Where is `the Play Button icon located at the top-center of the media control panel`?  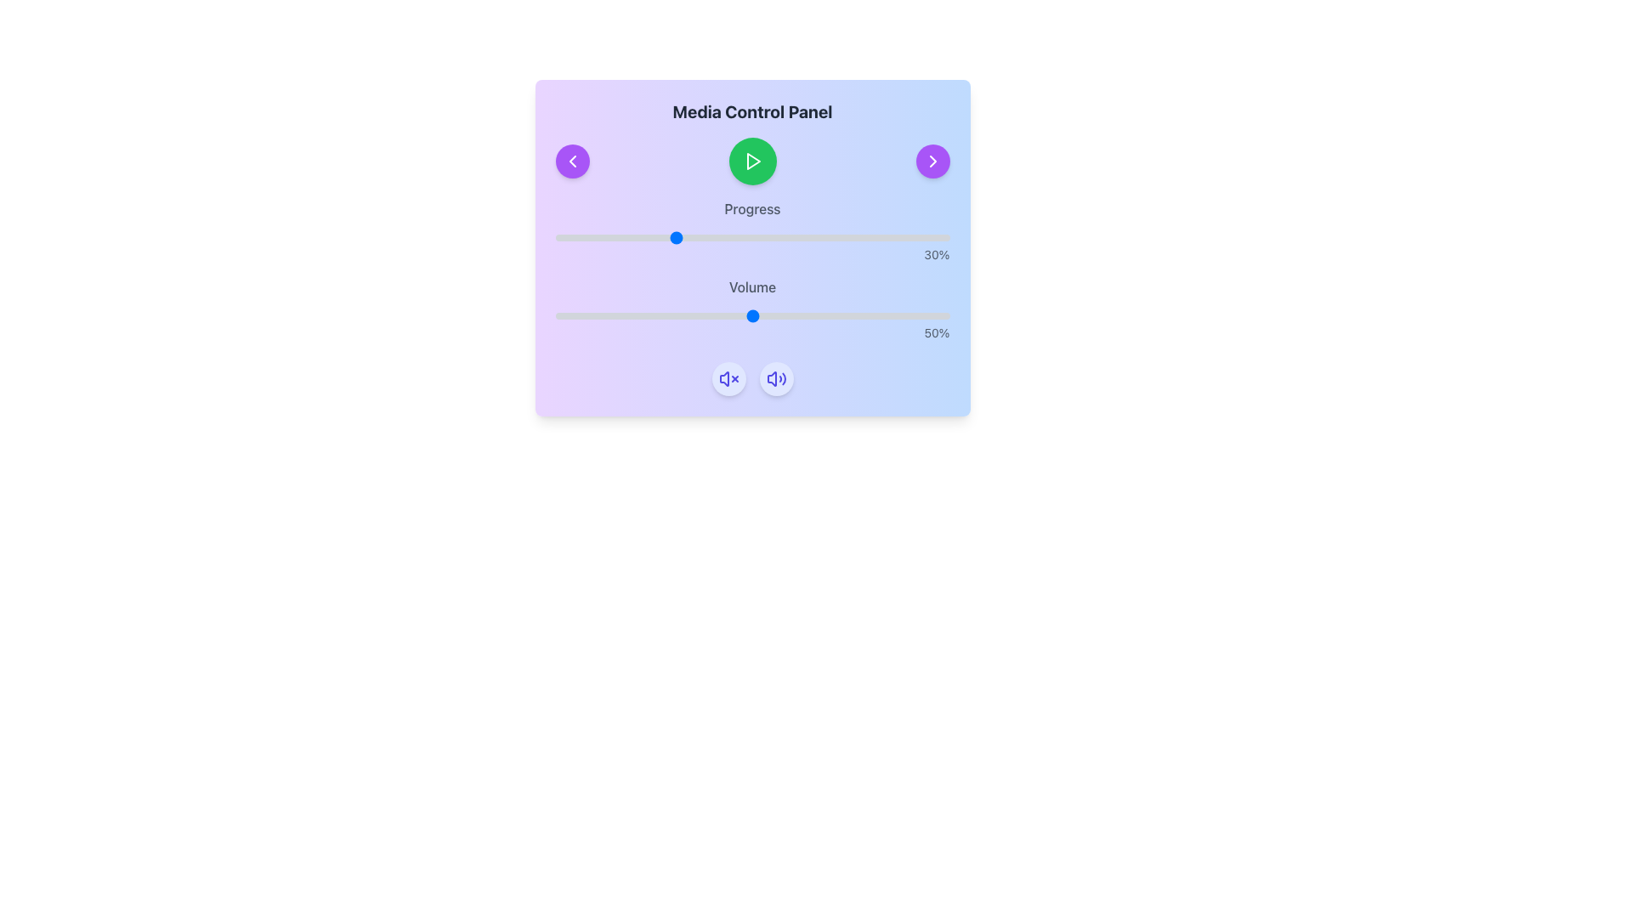
the Play Button icon located at the top-center of the media control panel is located at coordinates (751, 161).